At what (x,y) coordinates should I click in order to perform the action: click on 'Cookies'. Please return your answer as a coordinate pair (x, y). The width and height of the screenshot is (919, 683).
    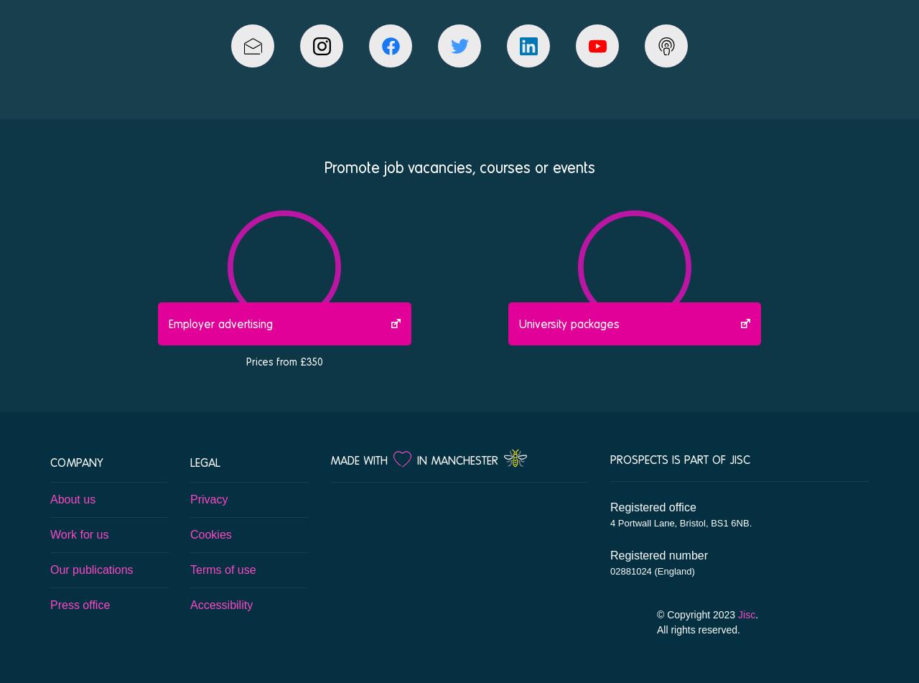
    Looking at the image, I should click on (210, 533).